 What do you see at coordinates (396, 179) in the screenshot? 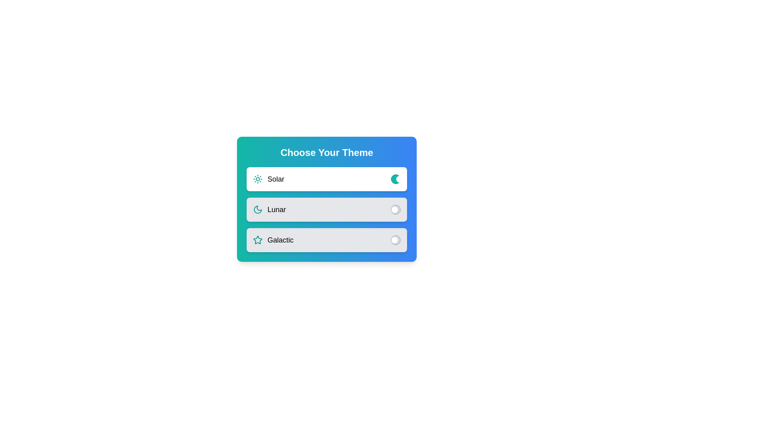
I see `the toggle button for the Solar theme` at bounding box center [396, 179].